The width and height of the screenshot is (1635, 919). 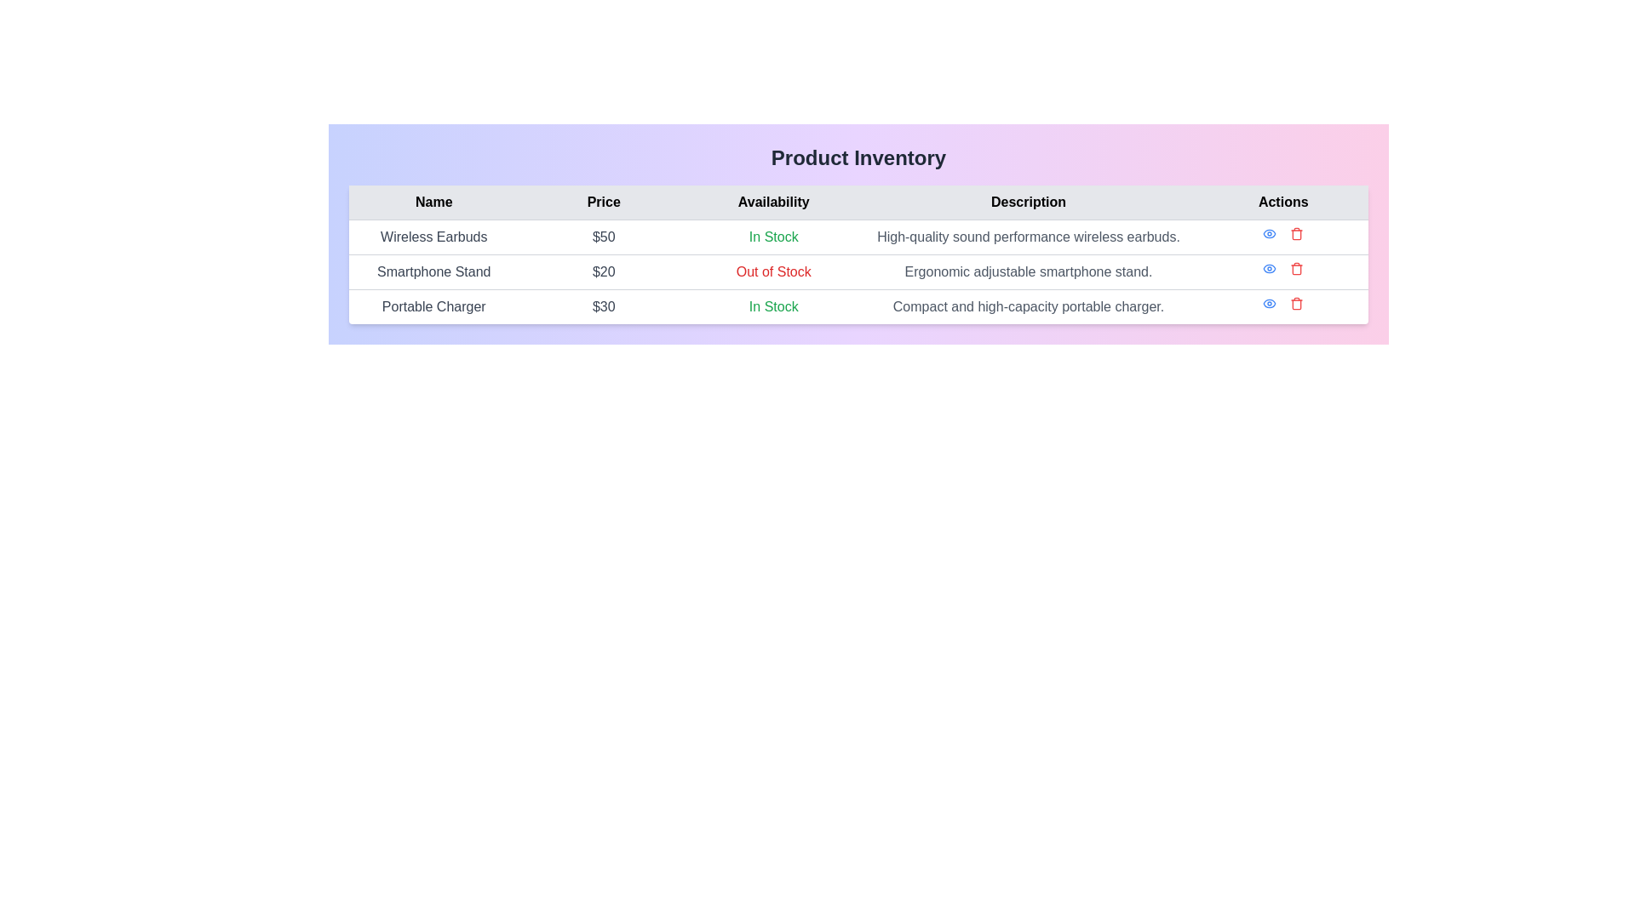 What do you see at coordinates (772, 306) in the screenshot?
I see `the 'Availability' text label for the 'Portable Charger' in the product inventory table to indicate that it is currently available for purchase` at bounding box center [772, 306].